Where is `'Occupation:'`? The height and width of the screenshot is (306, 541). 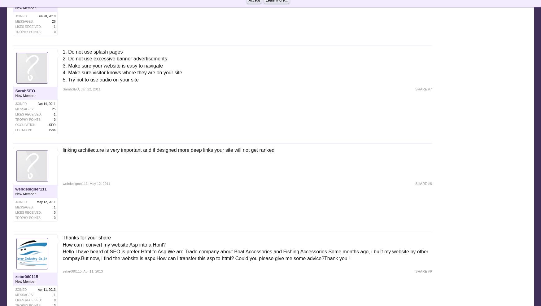 'Occupation:' is located at coordinates (25, 125).